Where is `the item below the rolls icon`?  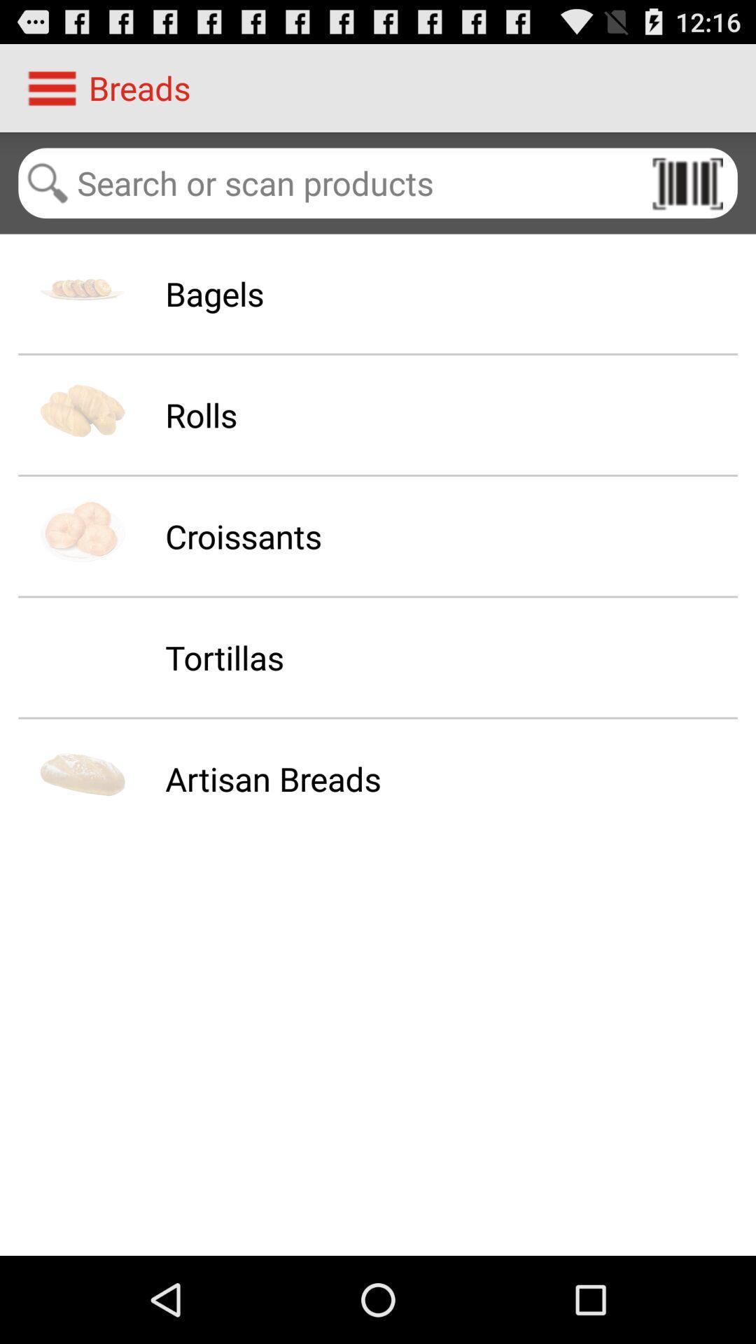 the item below the rolls icon is located at coordinates (242, 535).